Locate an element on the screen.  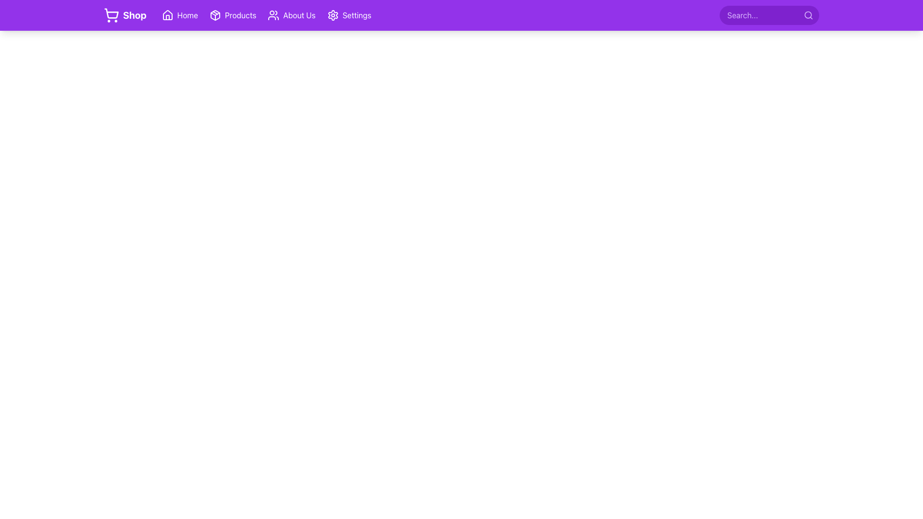
the navigation button located at the top of the page, which directs the user to the shop section of the application is located at coordinates (125, 15).